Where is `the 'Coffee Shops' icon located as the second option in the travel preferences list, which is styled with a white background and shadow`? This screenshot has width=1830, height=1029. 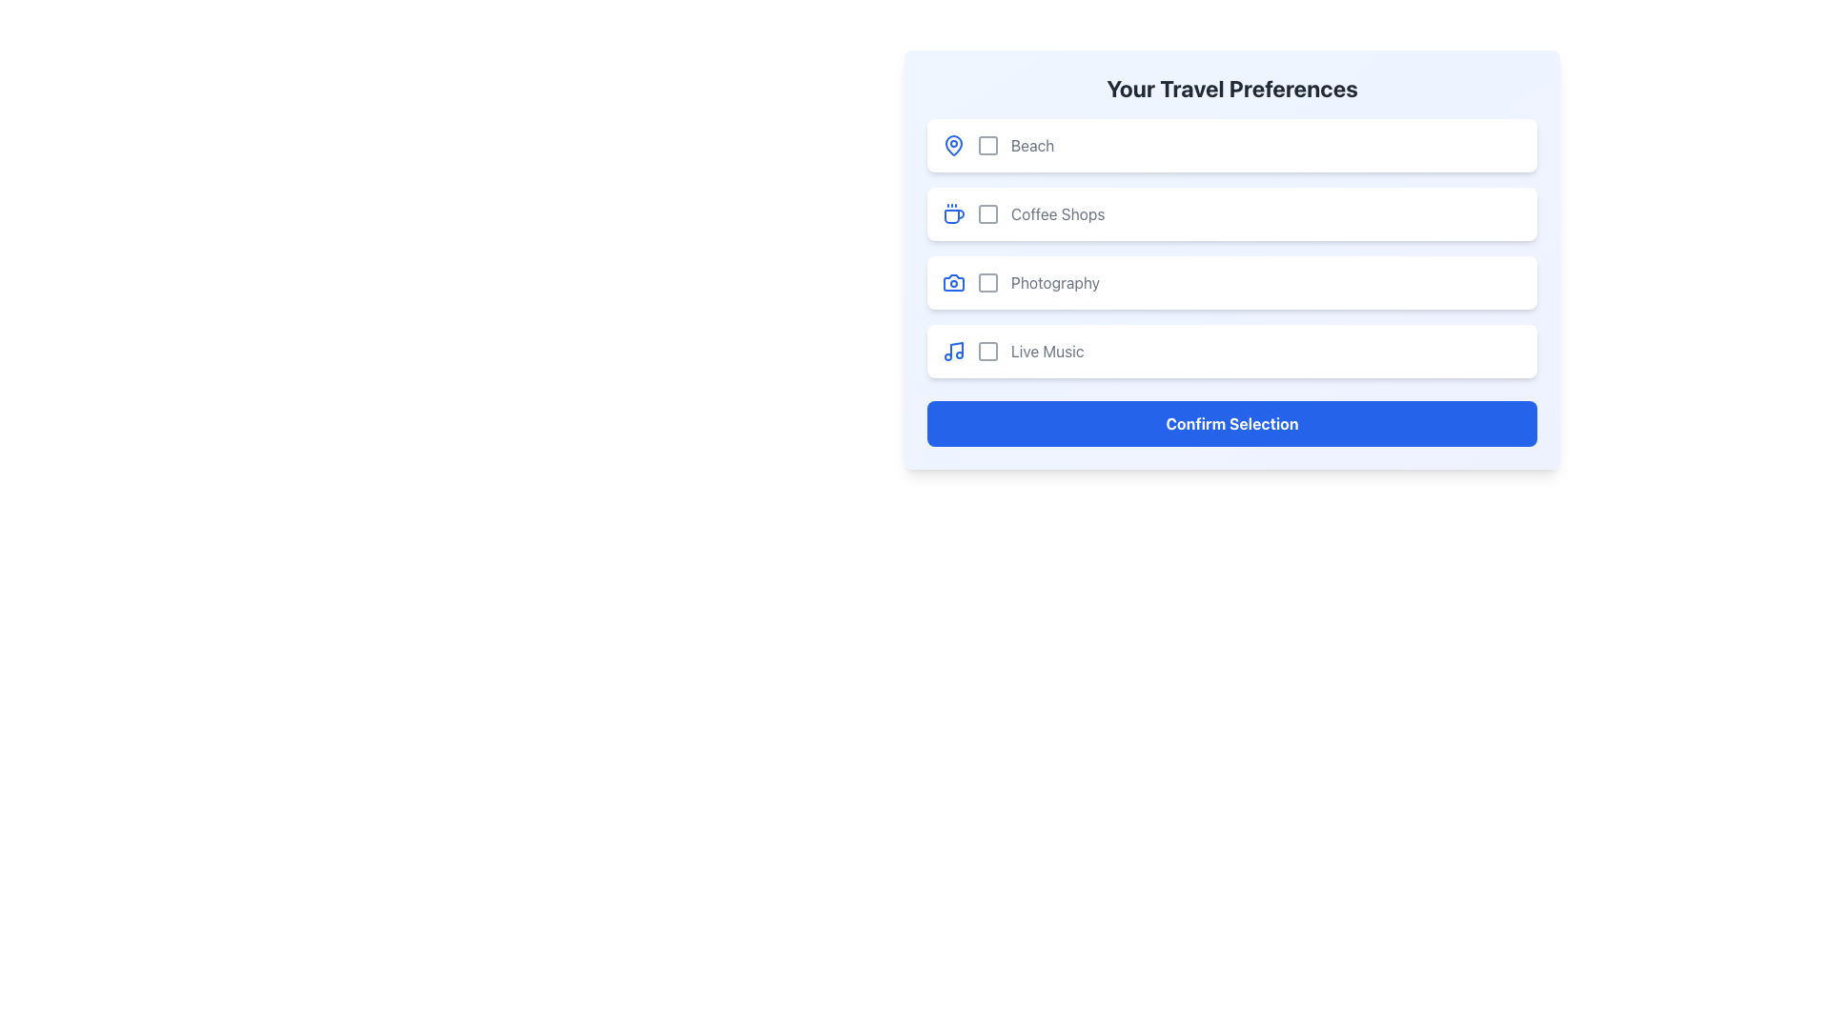
the 'Coffee Shops' icon located as the second option in the travel preferences list, which is styled with a white background and shadow is located at coordinates (954, 213).